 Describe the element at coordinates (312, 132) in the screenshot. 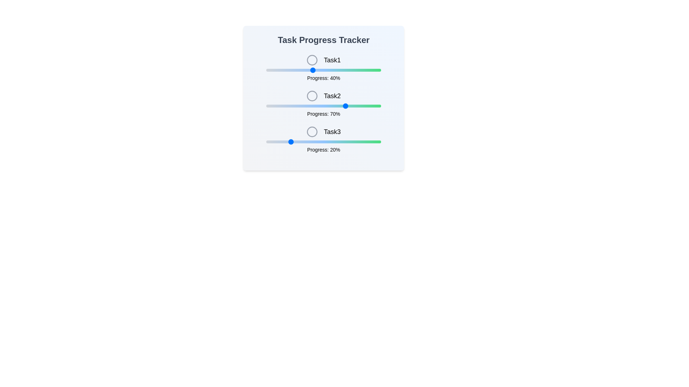

I see `the icon for Task3` at that location.